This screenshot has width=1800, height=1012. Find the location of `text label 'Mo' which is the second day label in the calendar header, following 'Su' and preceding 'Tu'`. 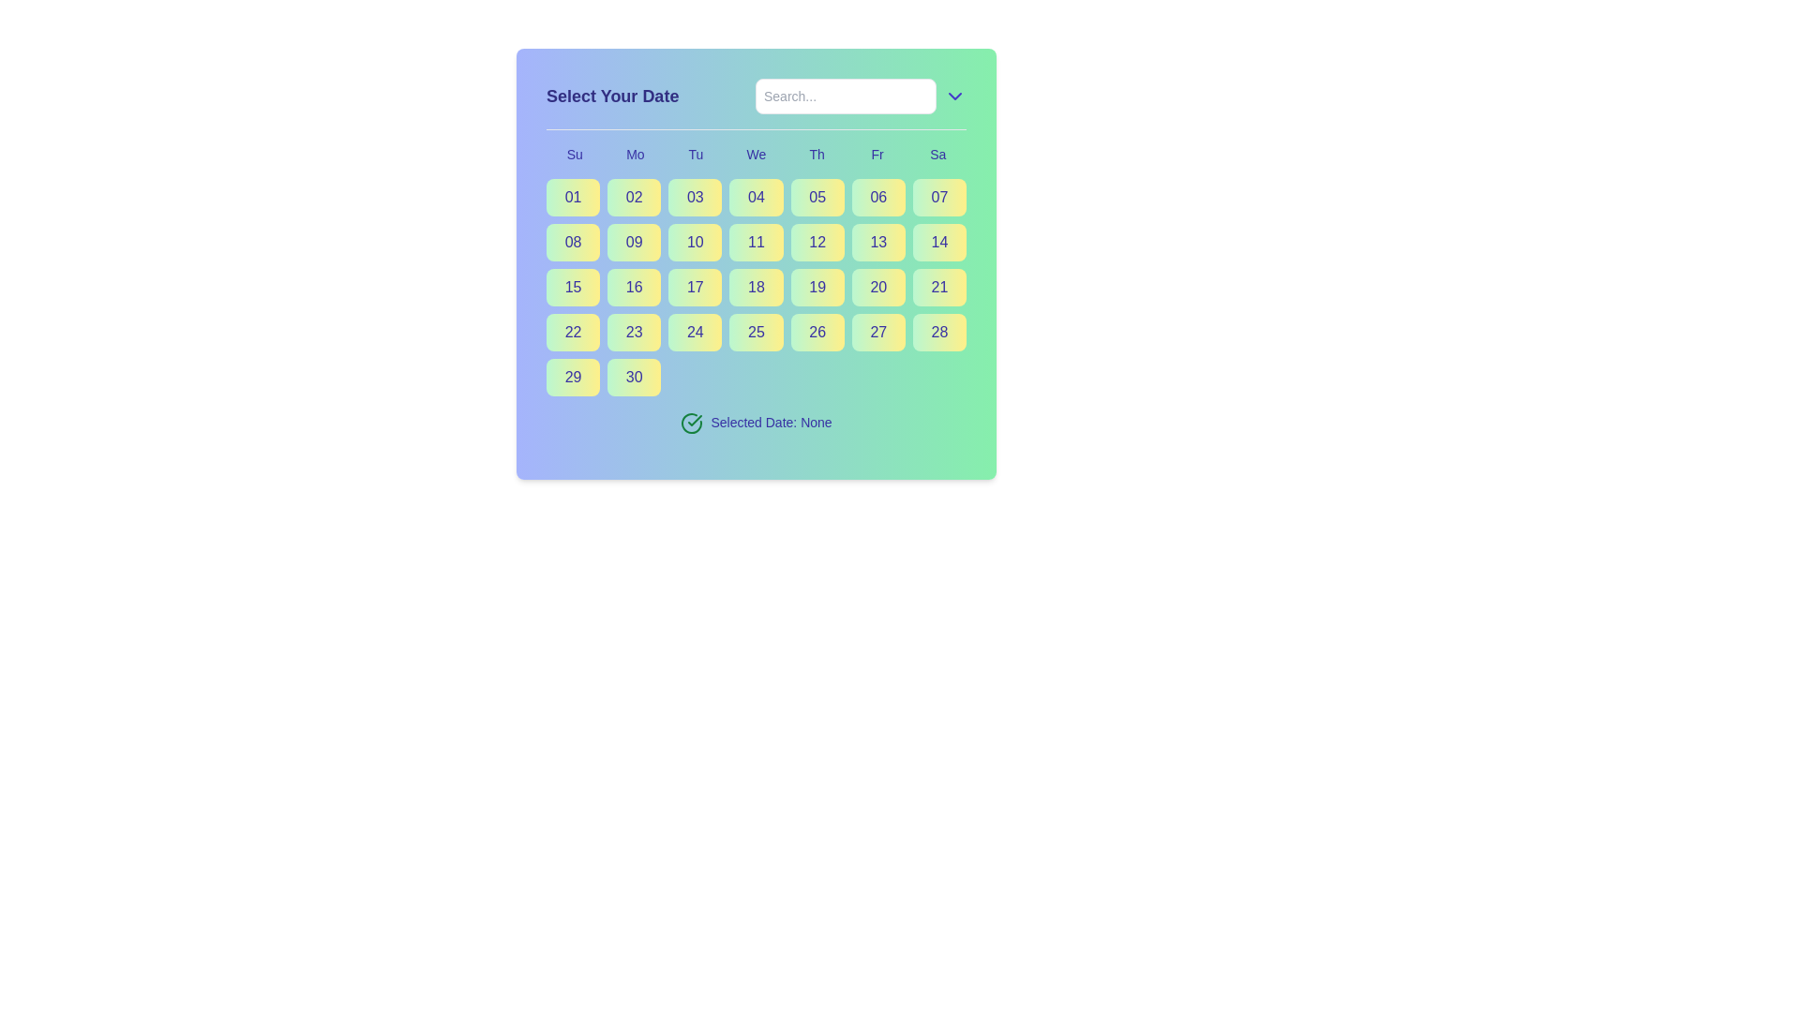

text label 'Mo' which is the second day label in the calendar header, following 'Su' and preceding 'Tu' is located at coordinates (635, 154).